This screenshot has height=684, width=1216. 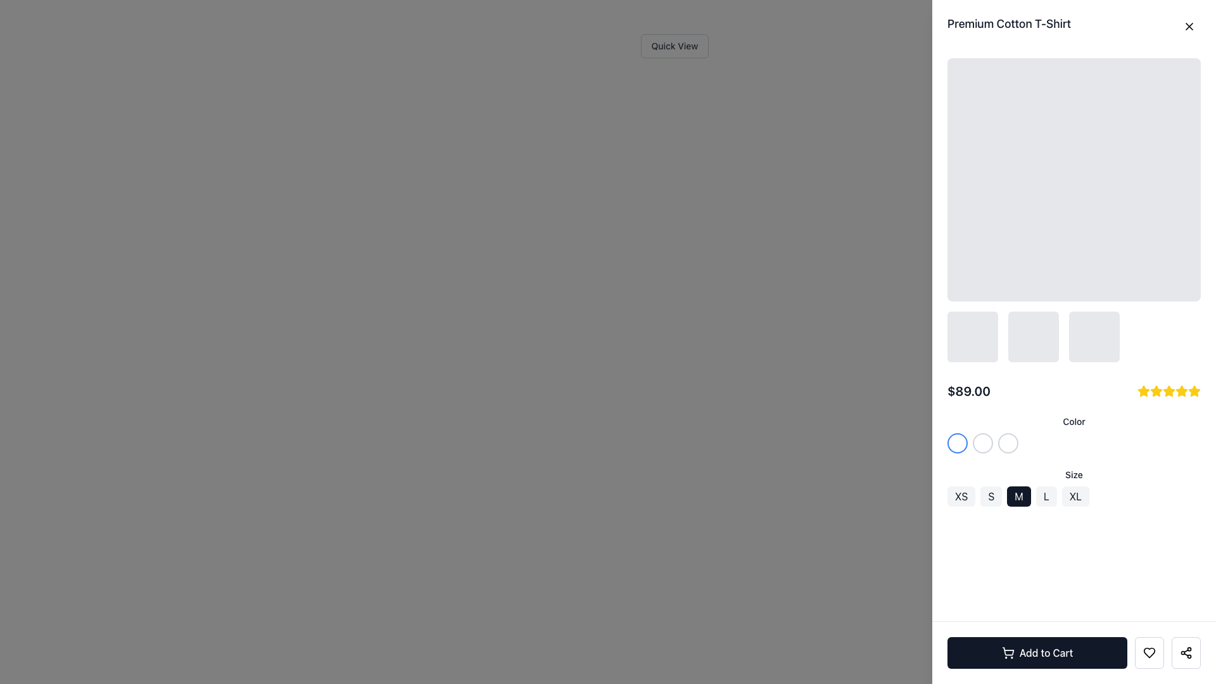 I want to click on to select the second circular color option in the horizontal arrangement, which is visually styled with a light gray border and a white interior, located within the 'Color' section, so click(x=982, y=442).